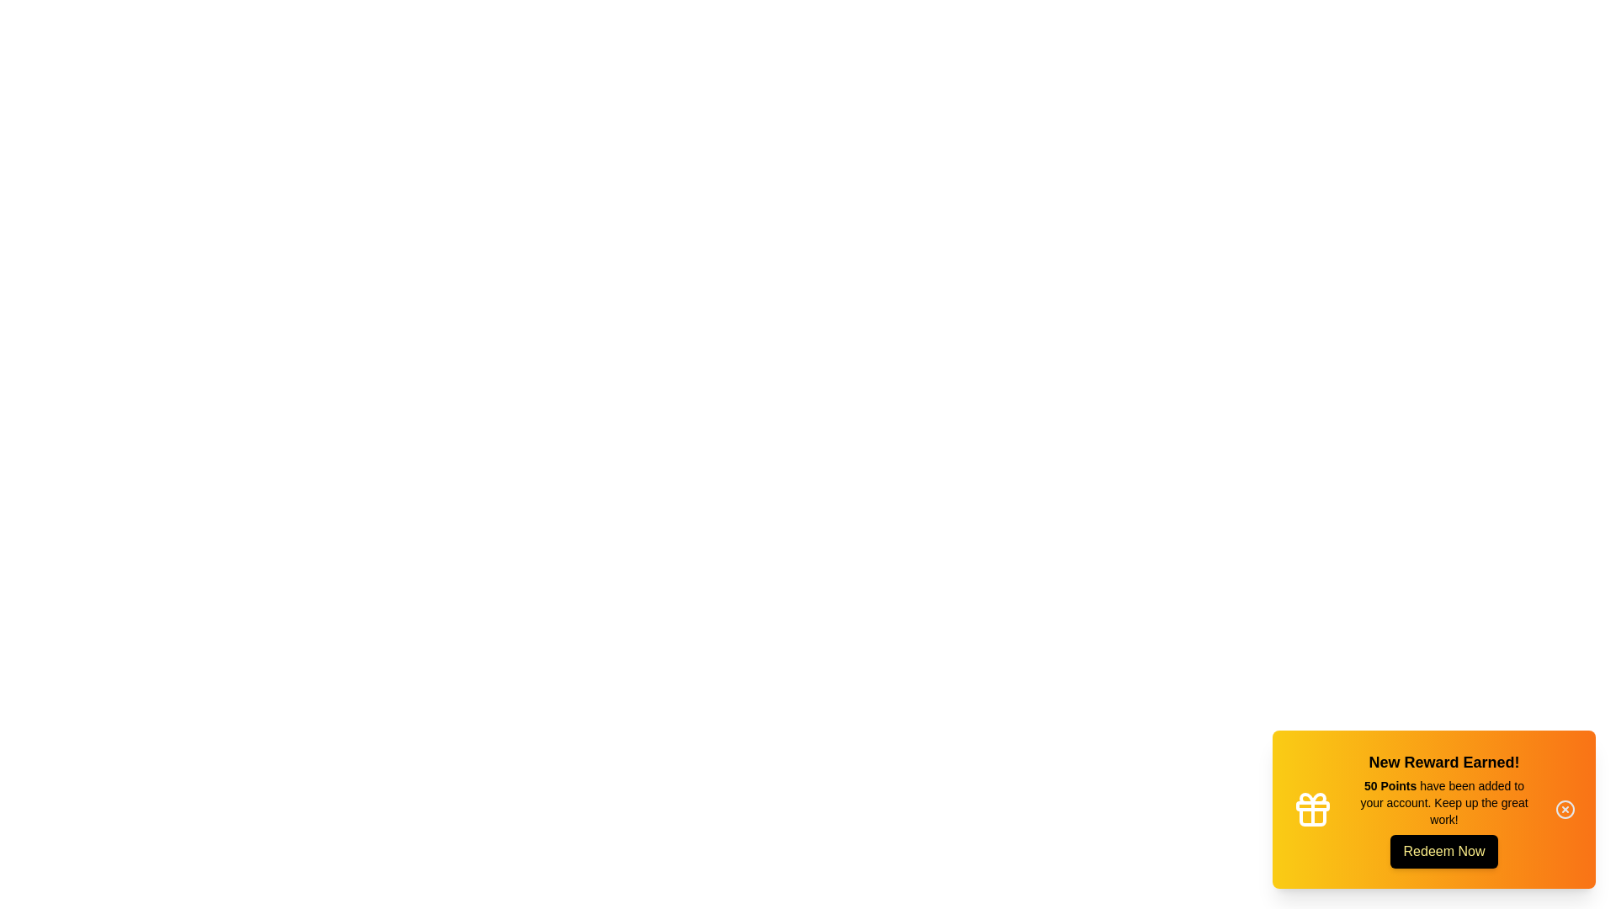 This screenshot has height=909, width=1616. What do you see at coordinates (1565, 808) in the screenshot?
I see `the close button to dismiss the snackbar` at bounding box center [1565, 808].